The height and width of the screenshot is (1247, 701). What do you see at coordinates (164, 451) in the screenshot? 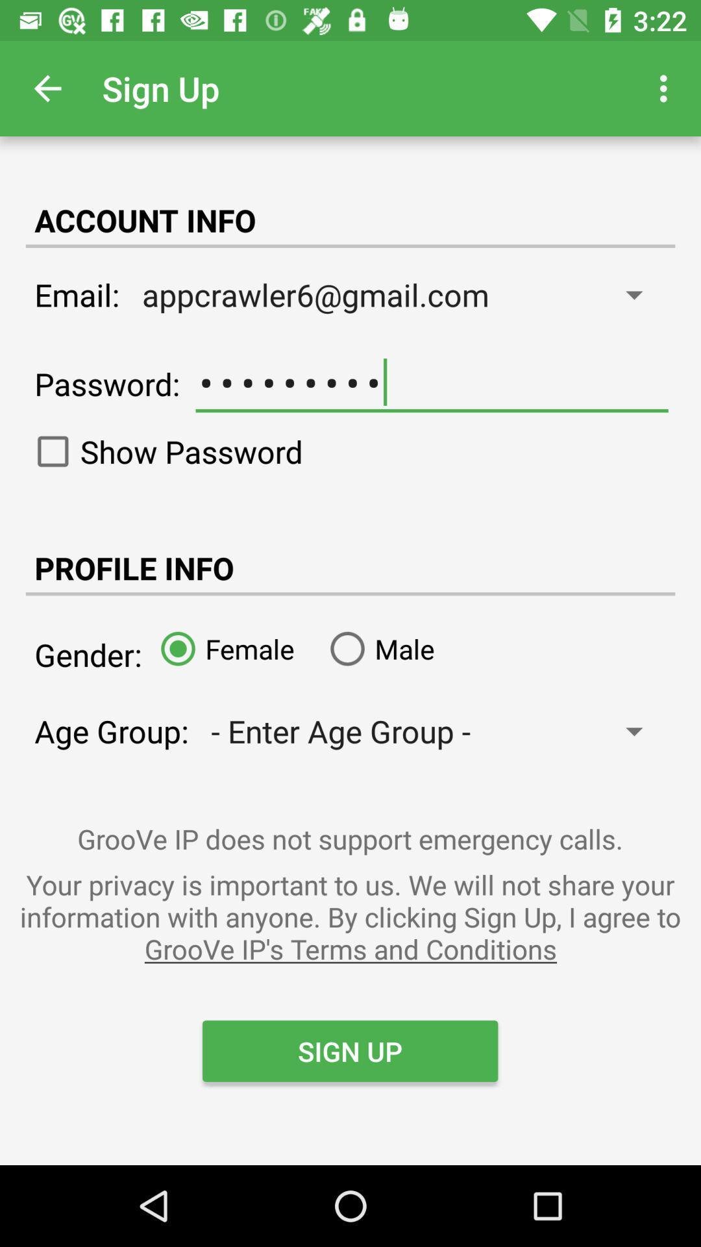
I see `show password` at bounding box center [164, 451].